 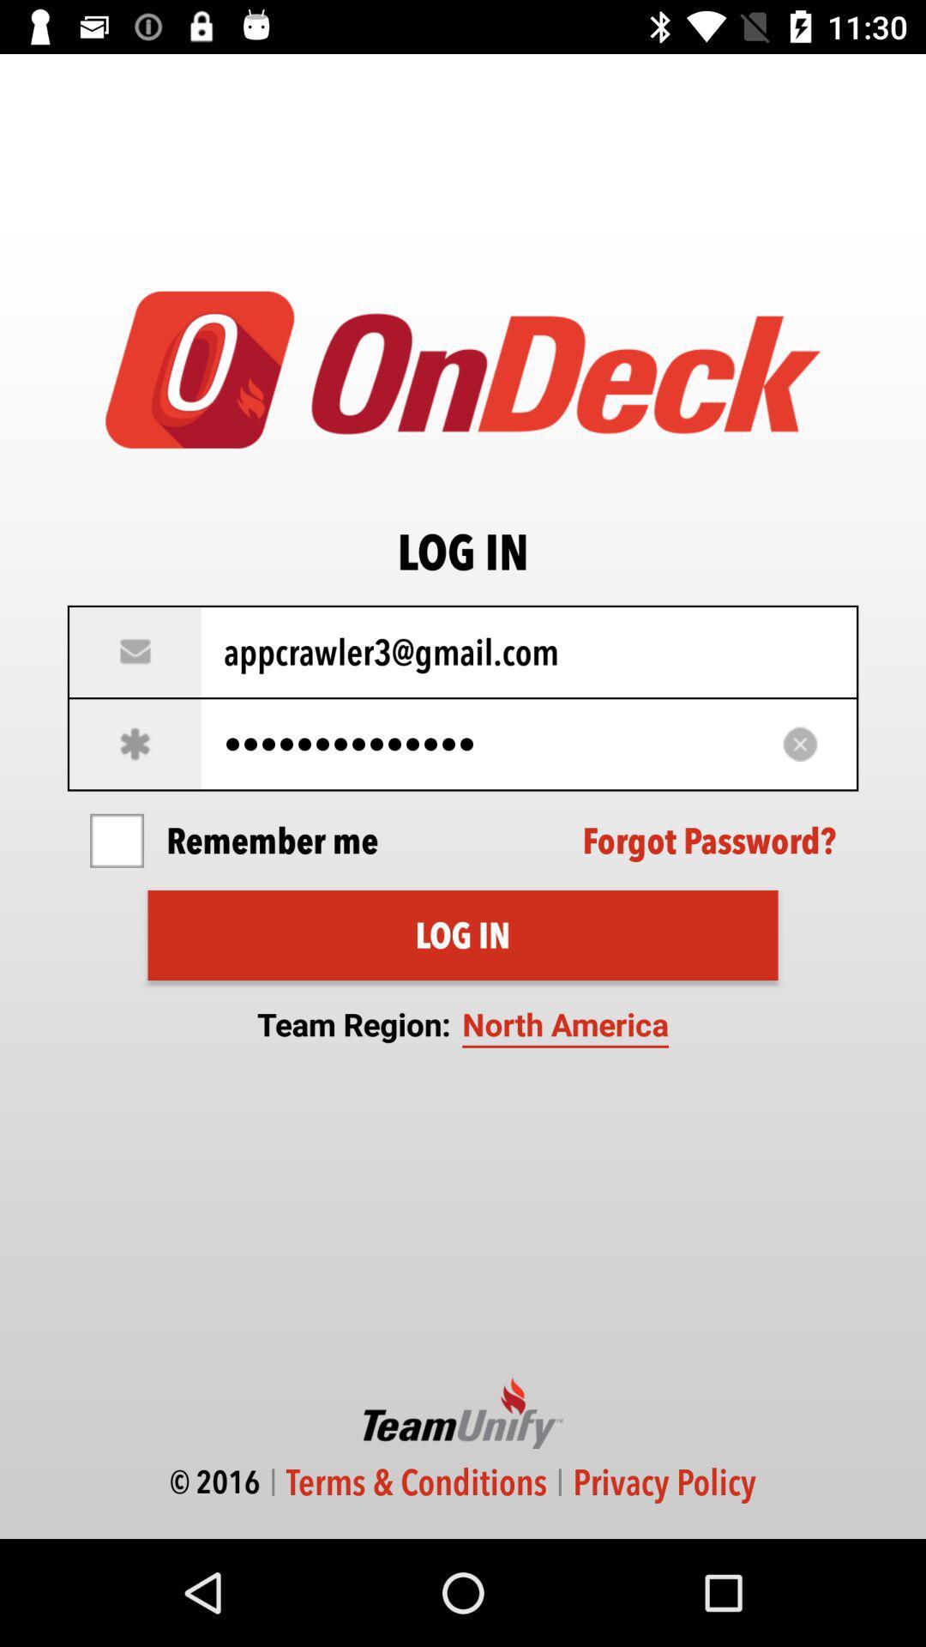 What do you see at coordinates (709, 841) in the screenshot?
I see `the icon next to remember me item` at bounding box center [709, 841].